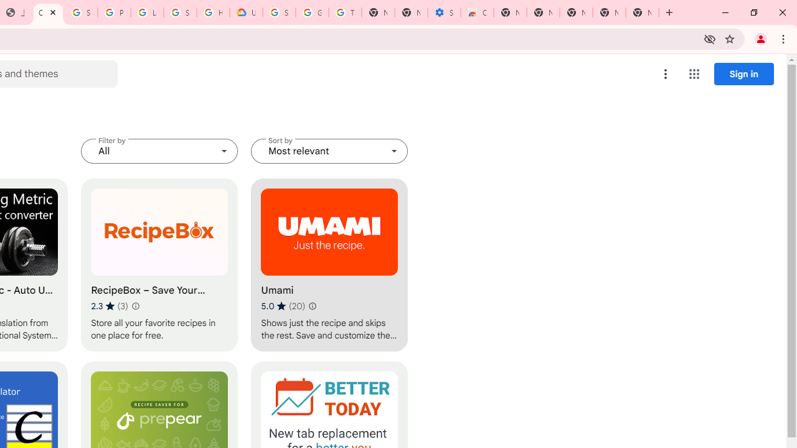 The width and height of the screenshot is (797, 448). I want to click on 'Sign in - Google Accounts', so click(80, 12).